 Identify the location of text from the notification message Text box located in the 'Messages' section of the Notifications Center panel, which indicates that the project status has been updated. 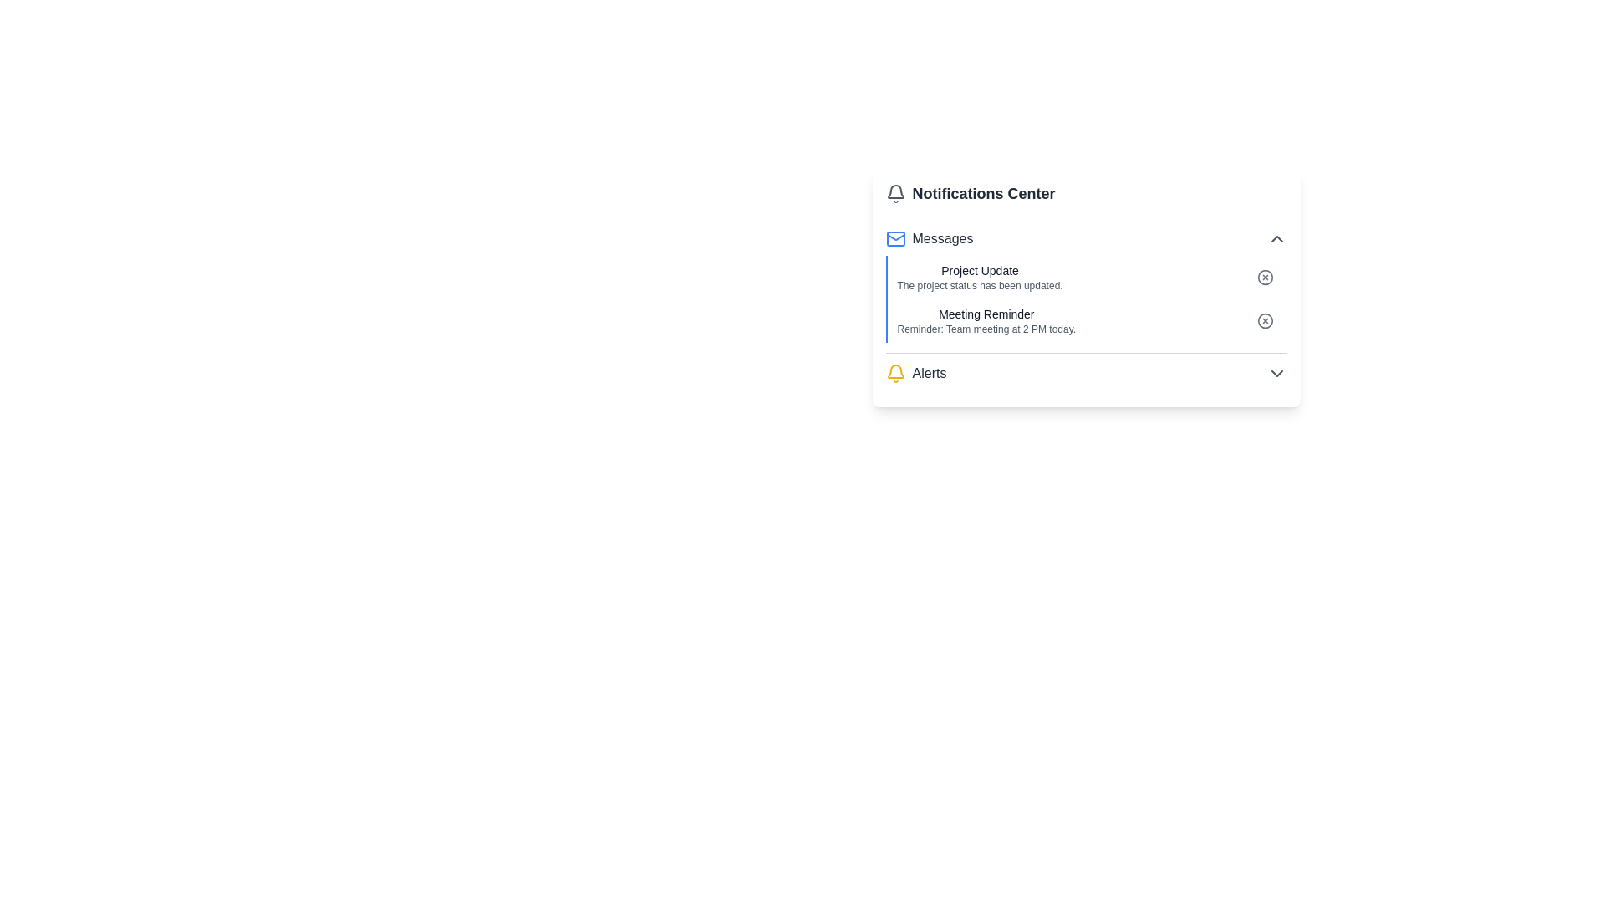
(980, 276).